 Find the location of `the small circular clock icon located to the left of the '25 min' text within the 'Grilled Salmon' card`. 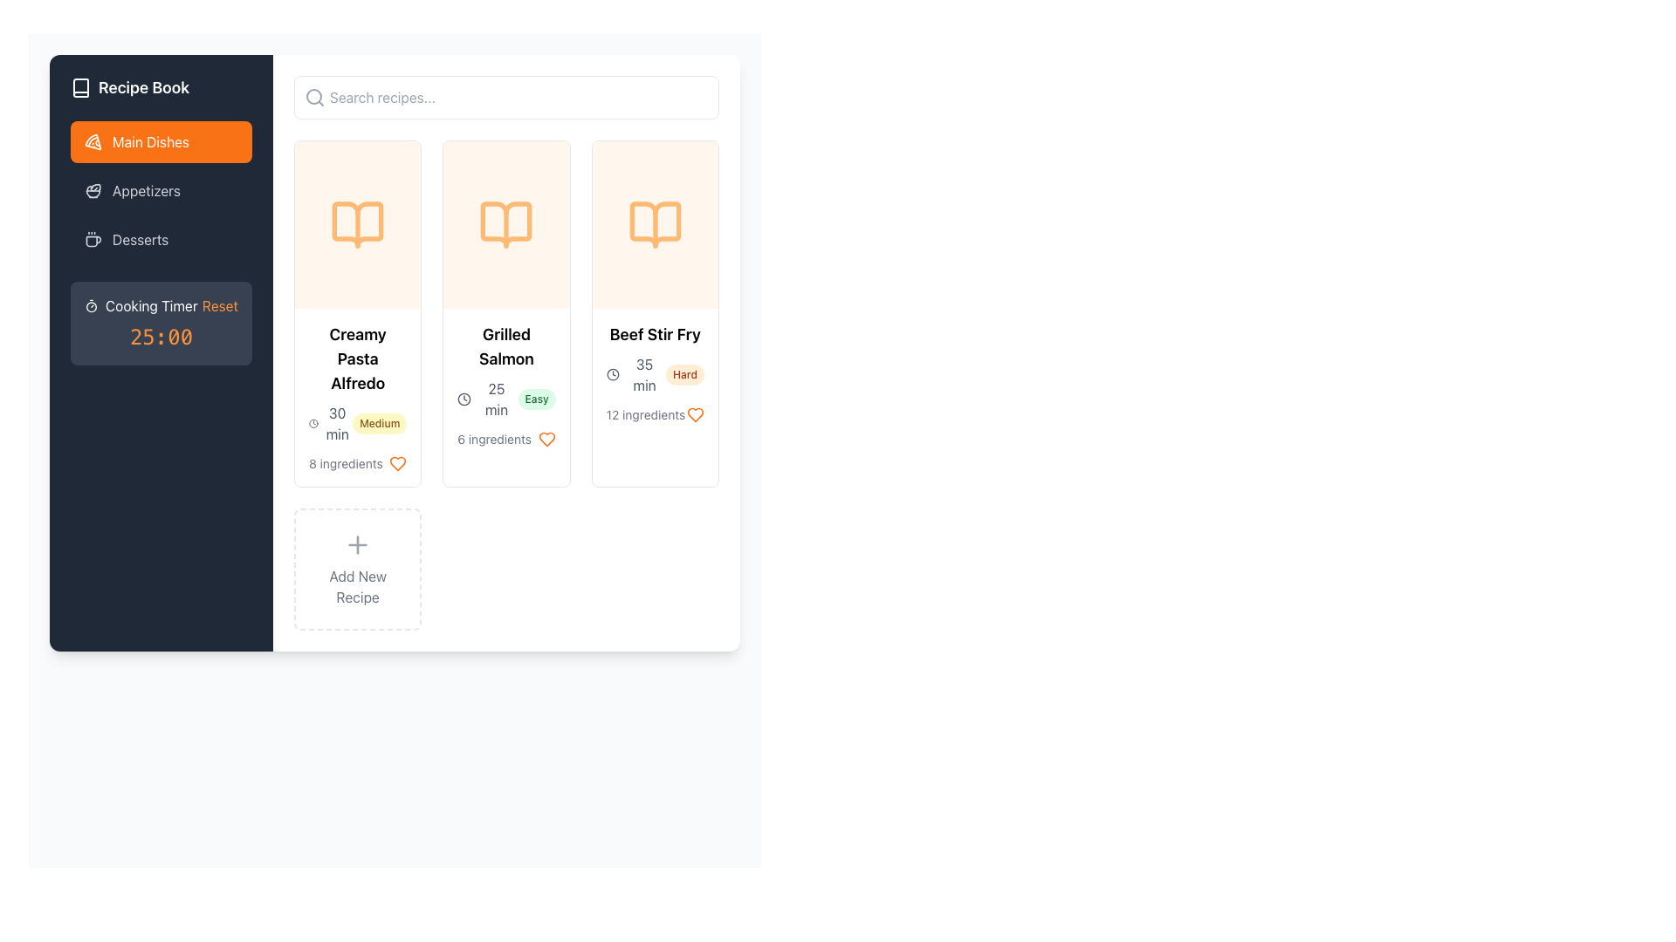

the small circular clock icon located to the left of the '25 min' text within the 'Grilled Salmon' card is located at coordinates (464, 399).